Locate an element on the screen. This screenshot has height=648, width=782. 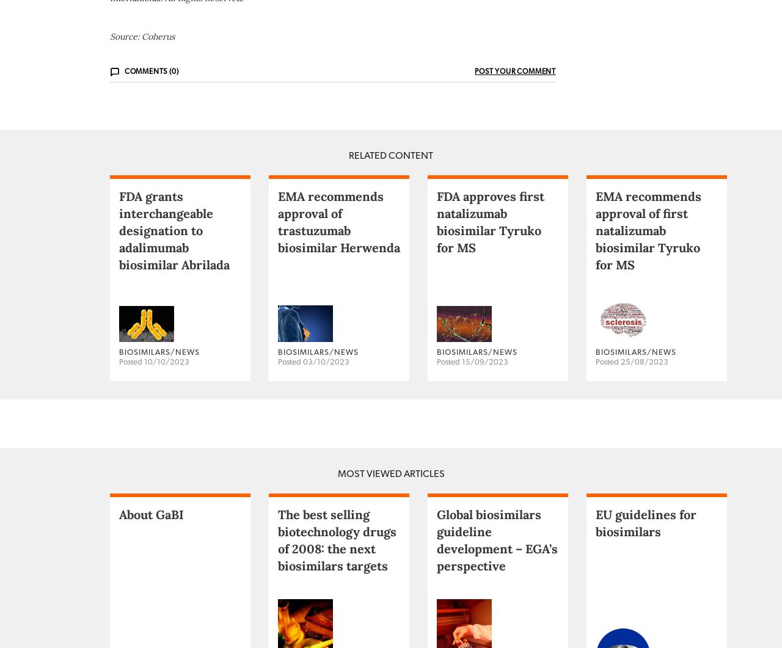
'EU guidelines for biosimilars' is located at coordinates (645, 570).